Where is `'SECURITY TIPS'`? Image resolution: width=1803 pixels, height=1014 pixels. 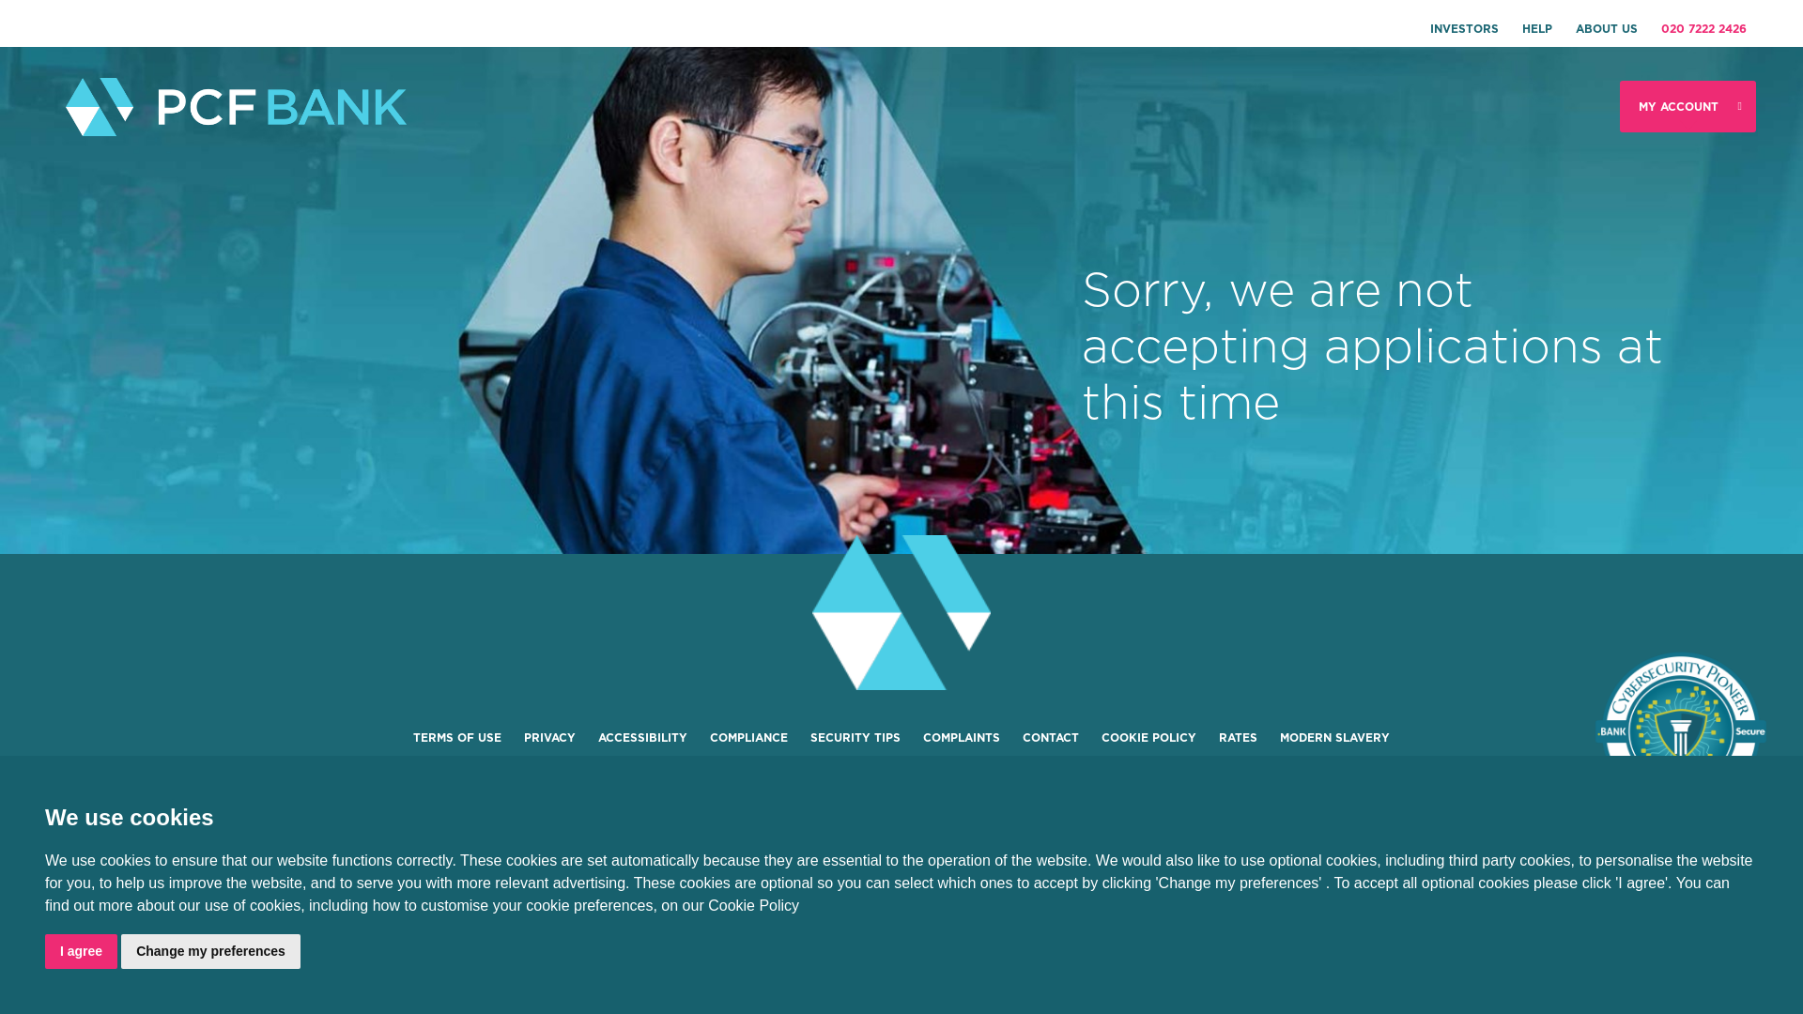
'SECURITY TIPS' is located at coordinates (810, 737).